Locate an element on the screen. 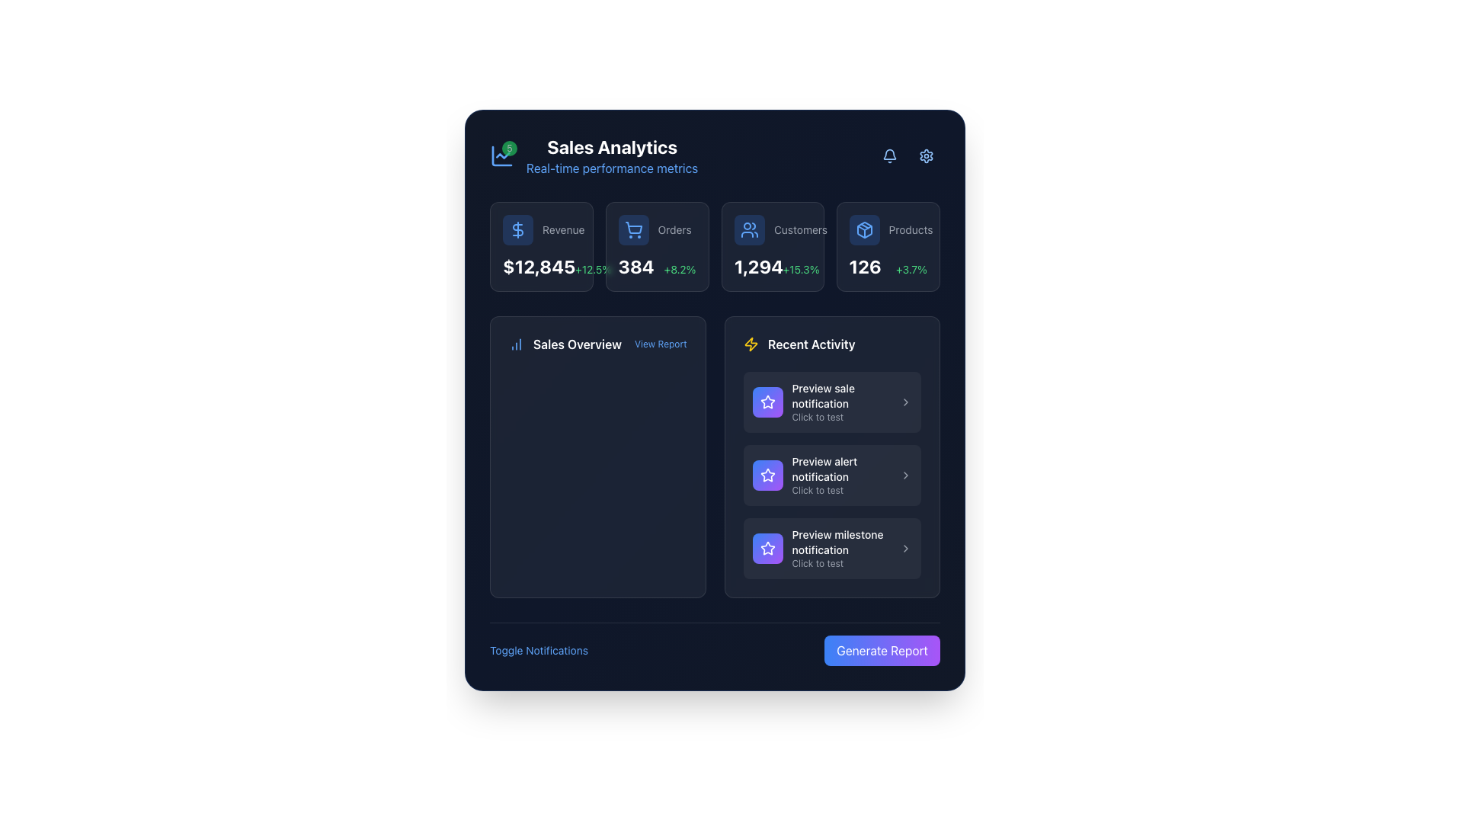 The height and width of the screenshot is (823, 1463). the numeric value display element indicating the number of customers, located in the metrics panel section of the interface is located at coordinates (758, 266).